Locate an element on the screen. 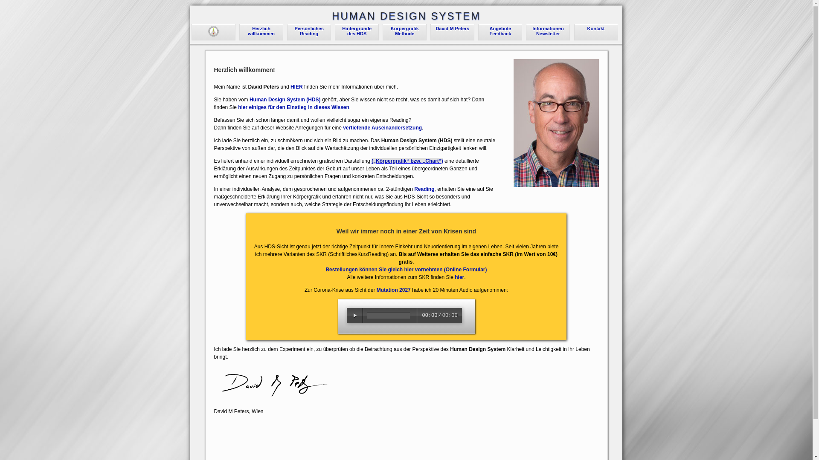 The height and width of the screenshot is (460, 819). 'Informationen is located at coordinates (548, 31).